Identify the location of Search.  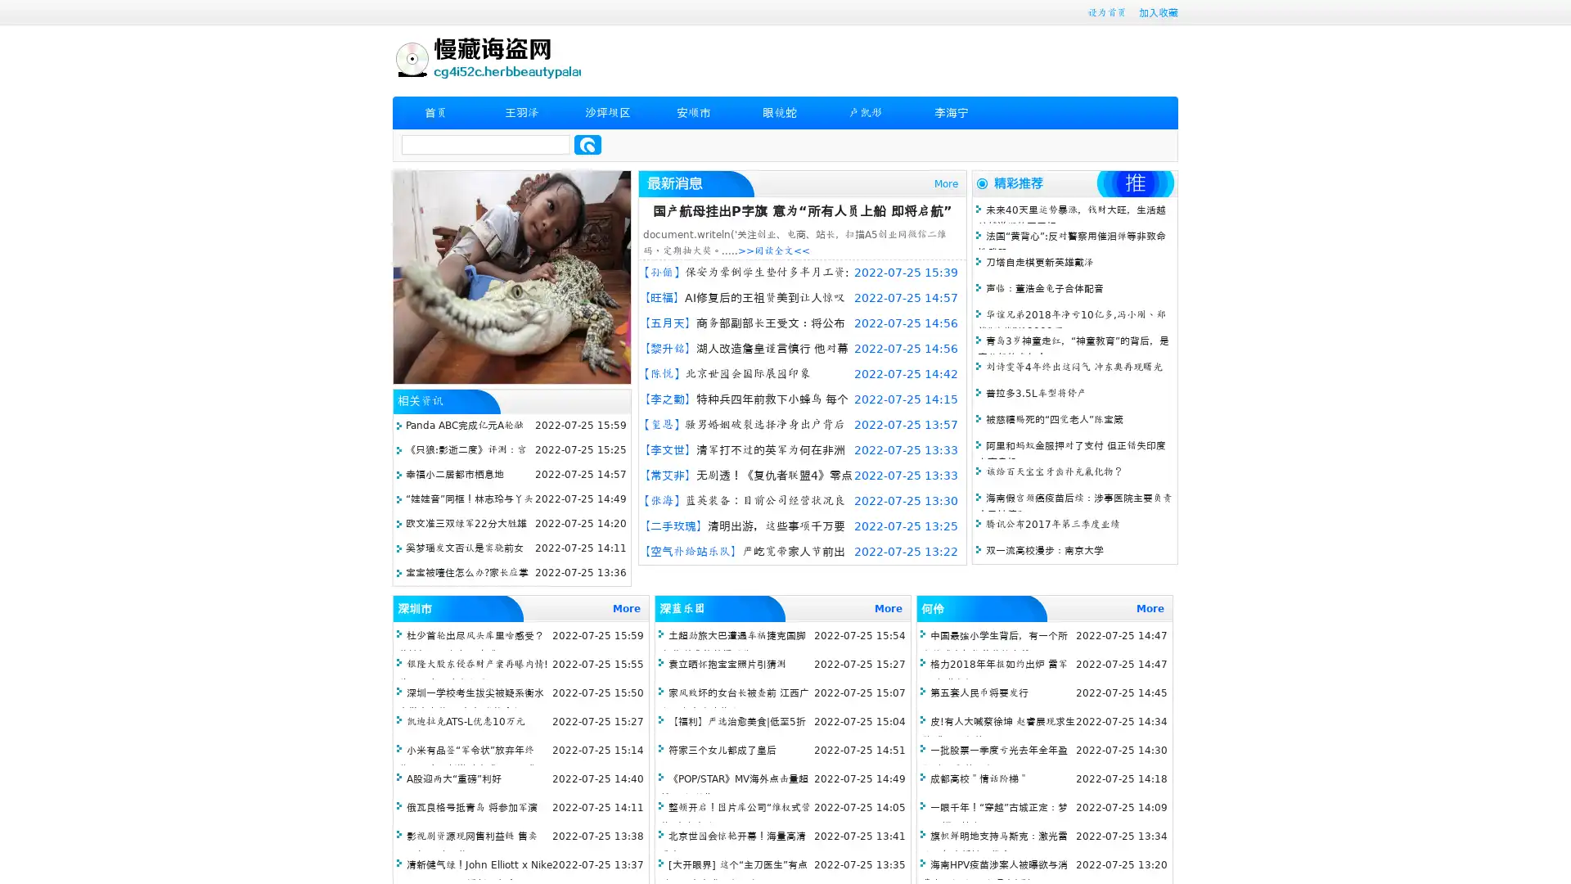
(587, 144).